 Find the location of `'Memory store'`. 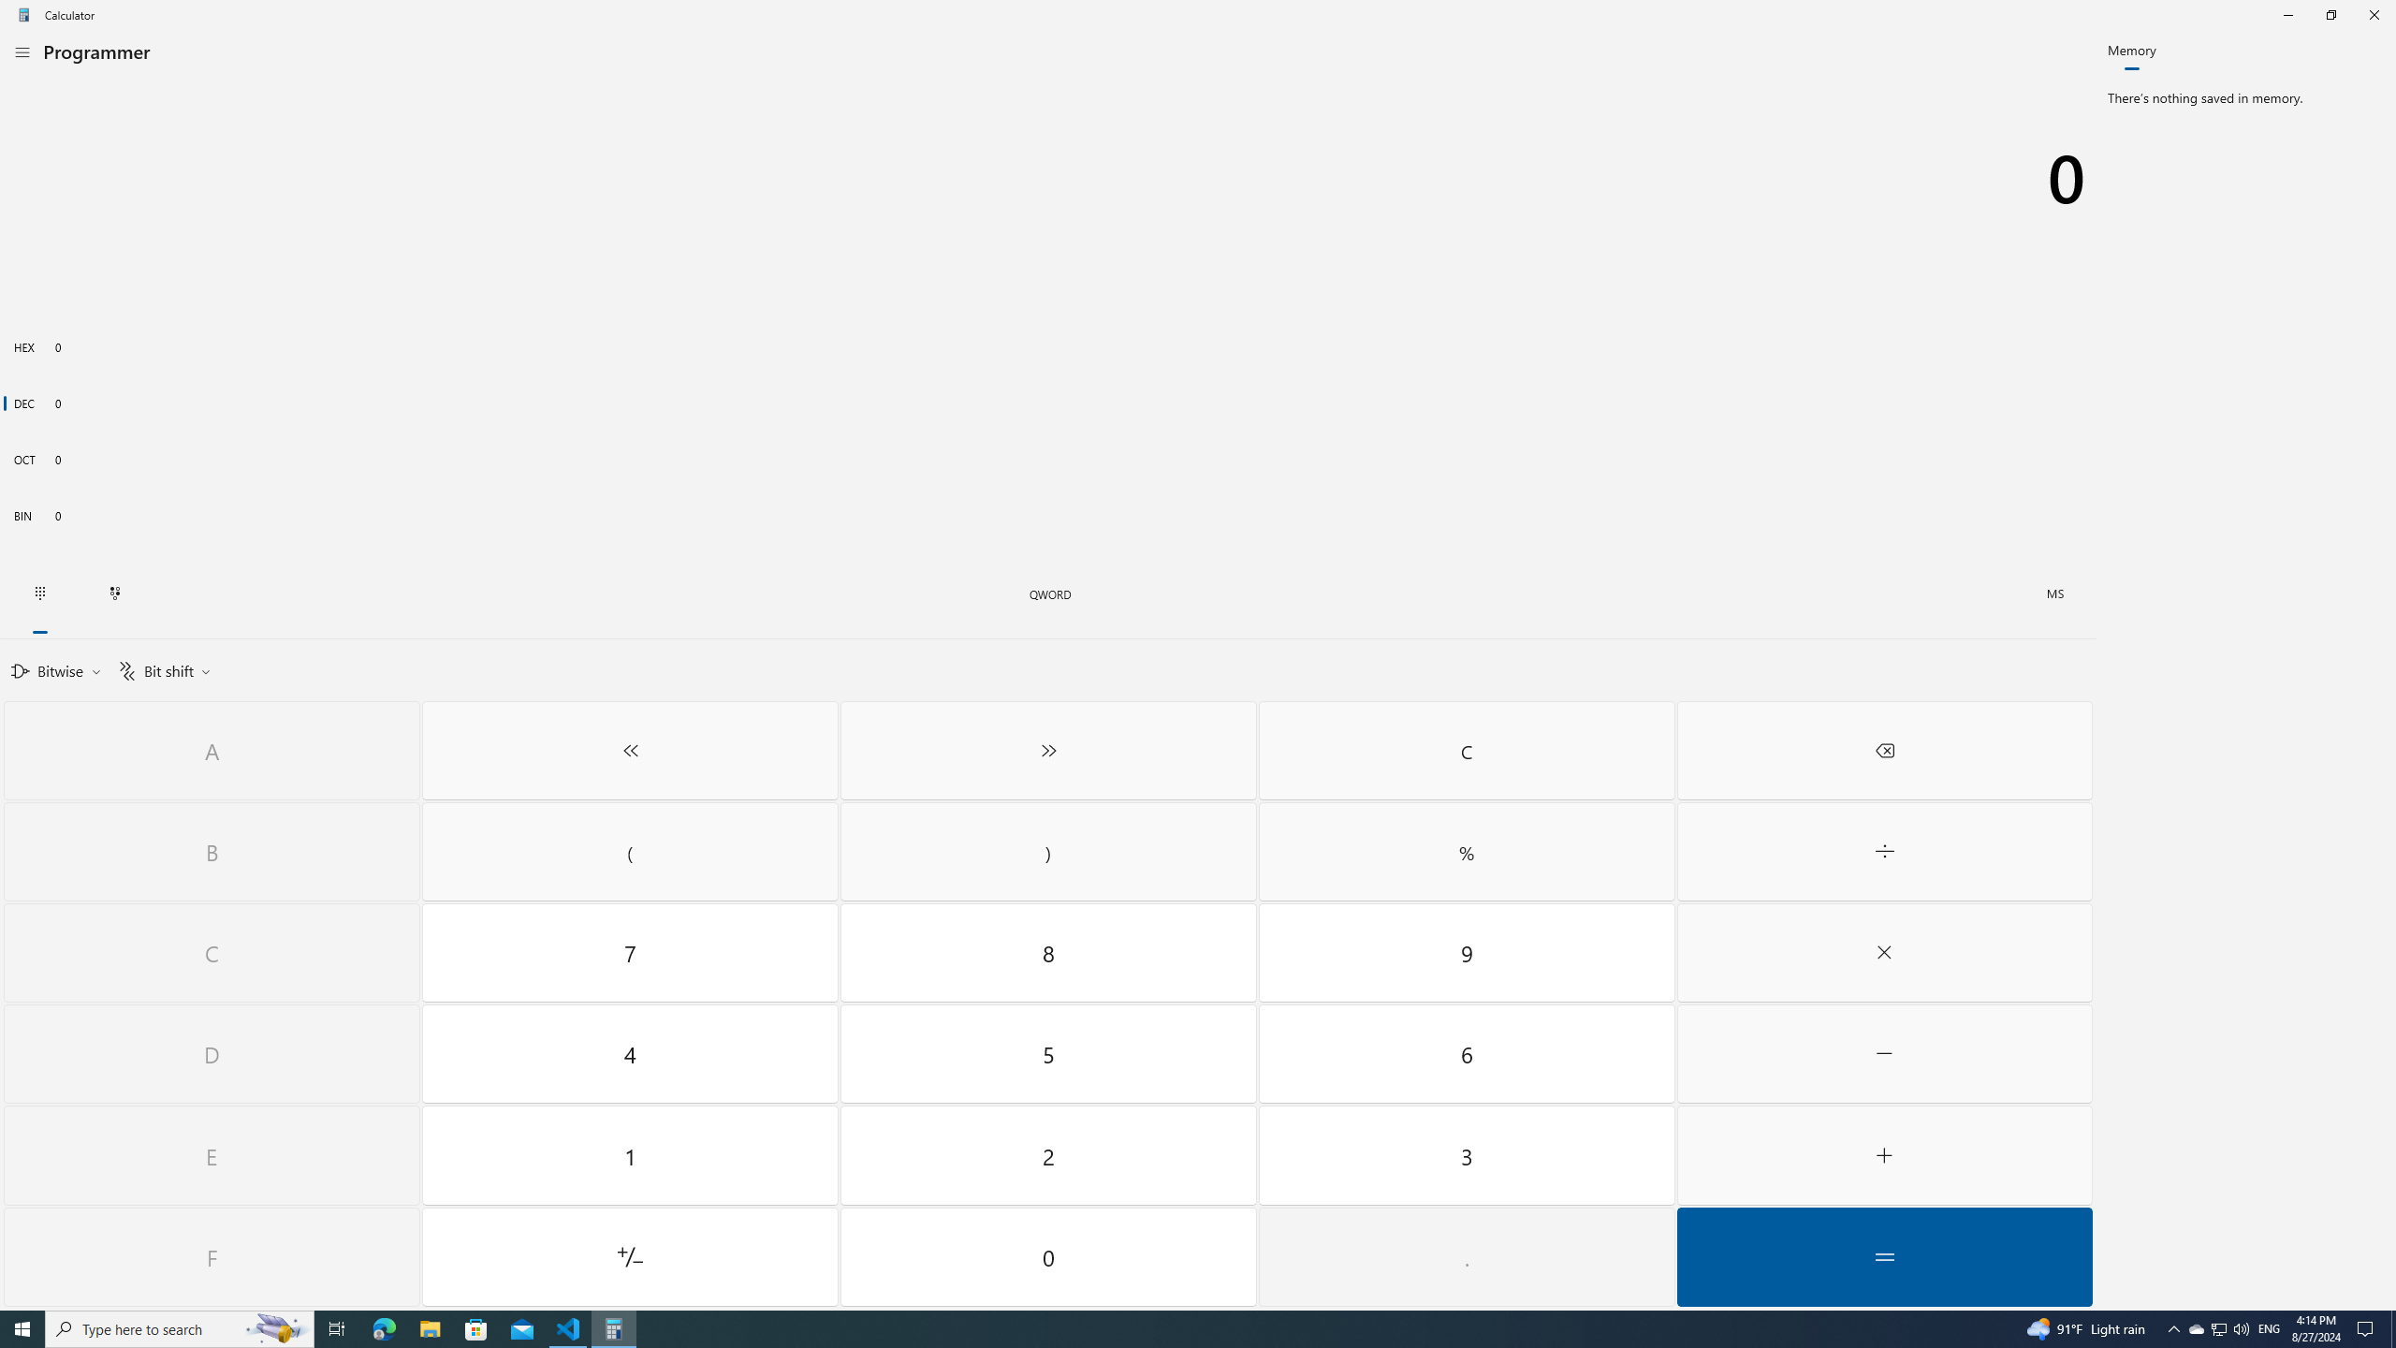

'Memory store' is located at coordinates (2055, 594).